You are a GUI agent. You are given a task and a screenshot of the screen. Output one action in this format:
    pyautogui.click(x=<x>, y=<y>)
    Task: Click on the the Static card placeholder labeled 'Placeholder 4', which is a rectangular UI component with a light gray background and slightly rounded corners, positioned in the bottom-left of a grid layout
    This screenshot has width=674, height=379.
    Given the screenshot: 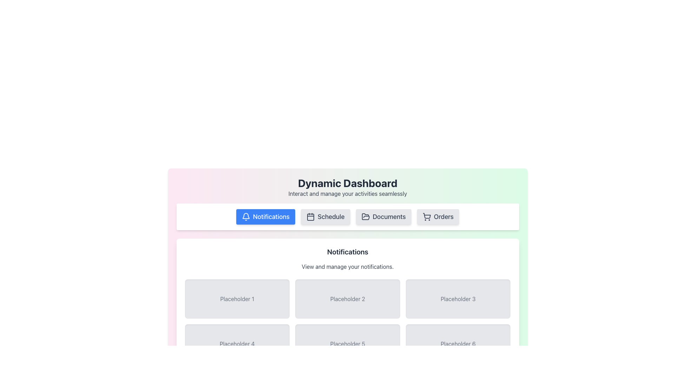 What is the action you would take?
    pyautogui.click(x=237, y=343)
    